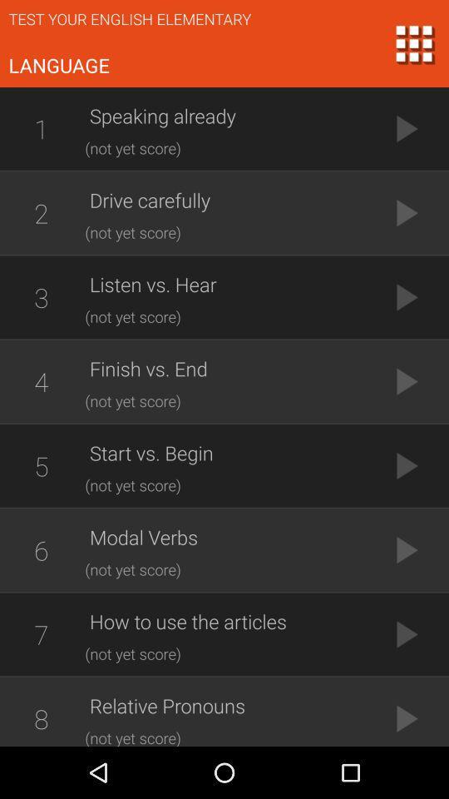 The height and width of the screenshot is (799, 449). I want to click on return to main menu, so click(412, 42).